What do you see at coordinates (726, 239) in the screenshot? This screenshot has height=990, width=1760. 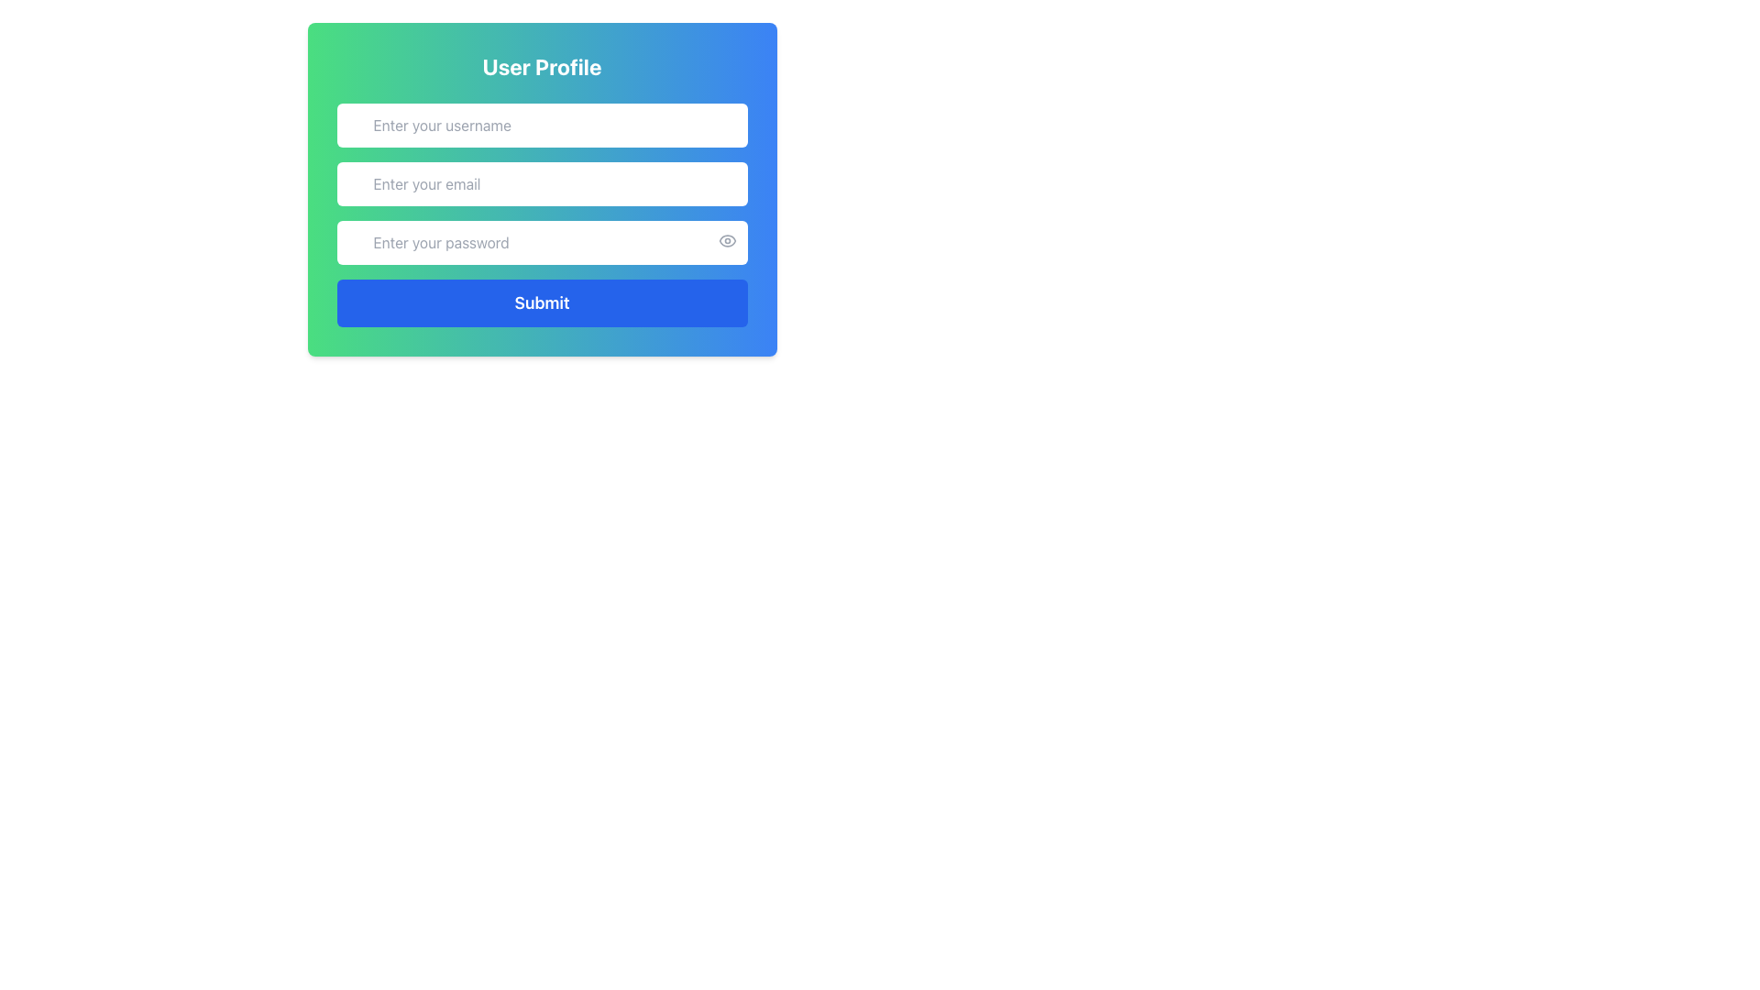 I see `the eye-shaped icon button located at the top-right corner of the password input field for visual change` at bounding box center [726, 239].